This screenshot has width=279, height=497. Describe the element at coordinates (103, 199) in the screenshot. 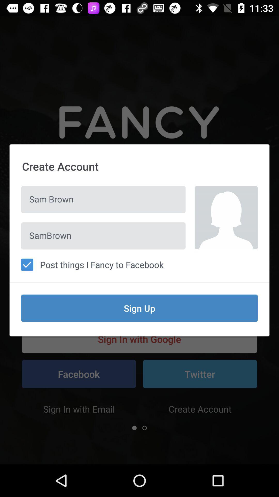

I see `the item below the create account icon` at that location.